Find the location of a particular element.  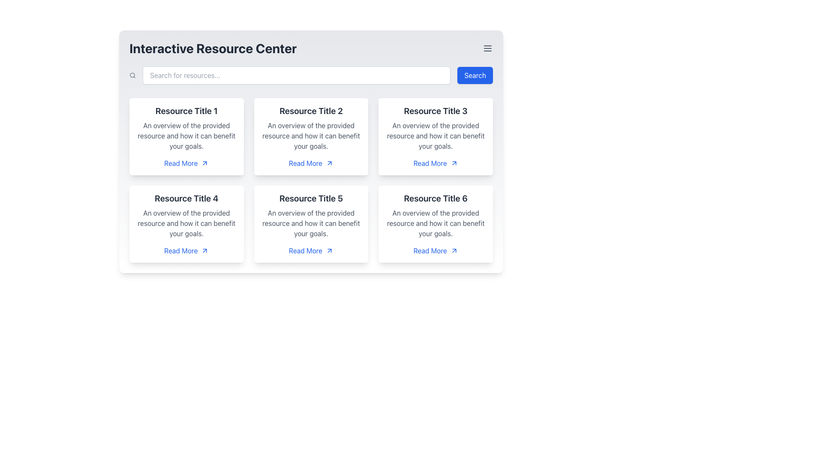

the title text label within the resource card located in the top row, second column of the grid layout is located at coordinates (310, 110).